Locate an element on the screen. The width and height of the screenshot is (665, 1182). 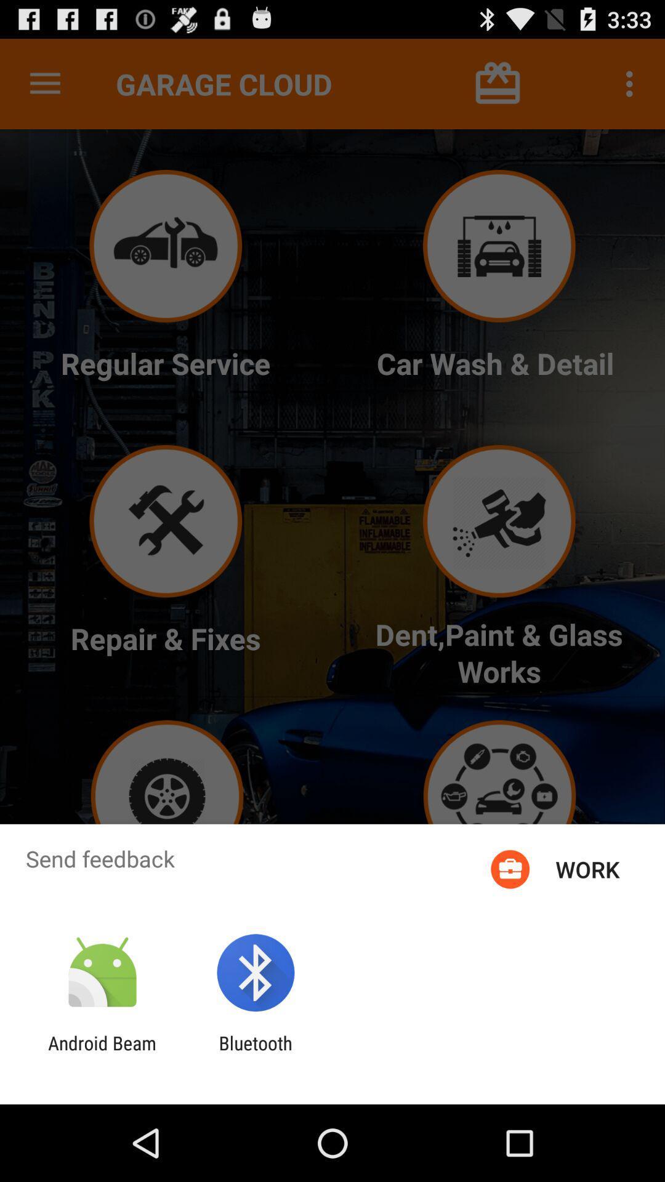
the icon next to the android beam icon is located at coordinates (255, 1053).